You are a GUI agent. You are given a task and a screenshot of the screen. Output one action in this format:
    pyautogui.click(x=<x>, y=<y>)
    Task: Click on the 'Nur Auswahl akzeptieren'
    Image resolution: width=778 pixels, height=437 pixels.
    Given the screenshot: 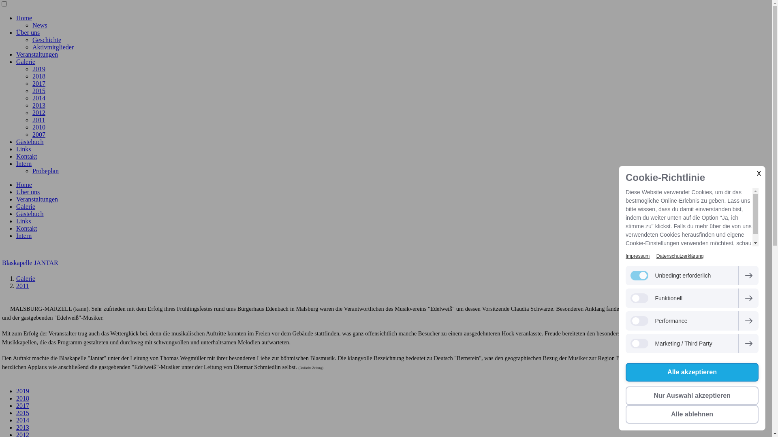 What is the action you would take?
    pyautogui.click(x=692, y=395)
    